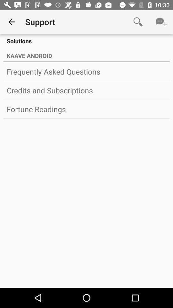  Describe the element at coordinates (86, 62) in the screenshot. I see `icon above the frequently asked questions` at that location.